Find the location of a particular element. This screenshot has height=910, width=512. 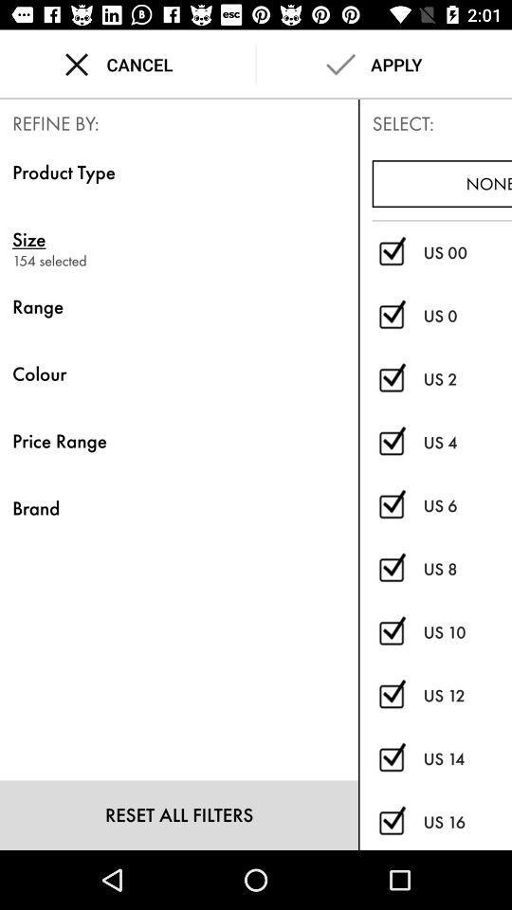

size is located at coordinates (179, 238).